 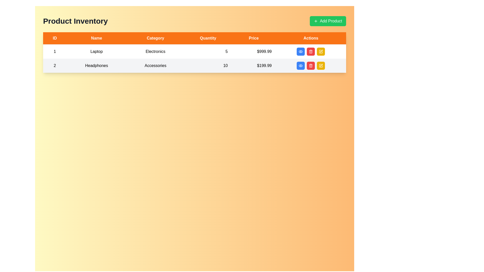 What do you see at coordinates (321, 65) in the screenshot?
I see `the edit icon button, which is the third icon in the 'Actions' column of the table's second row` at bounding box center [321, 65].